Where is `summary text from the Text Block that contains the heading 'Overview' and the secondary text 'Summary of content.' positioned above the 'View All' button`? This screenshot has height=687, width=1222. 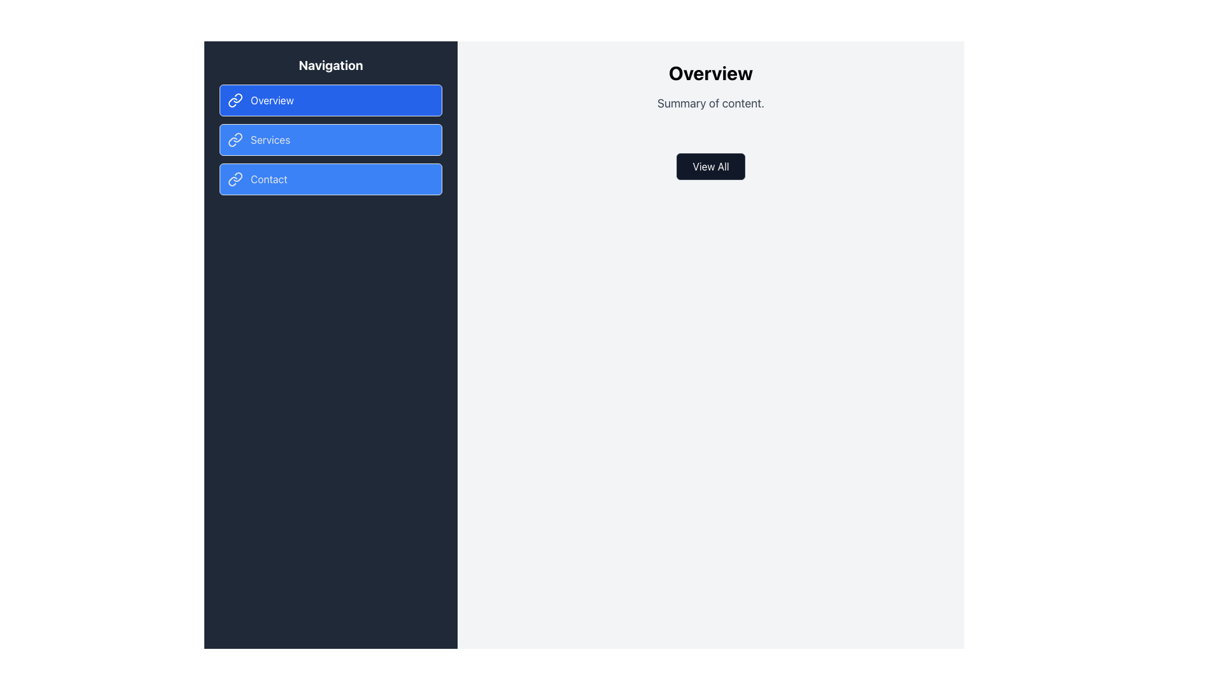
summary text from the Text Block that contains the heading 'Overview' and the secondary text 'Summary of content.' positioned above the 'View All' button is located at coordinates (710, 87).